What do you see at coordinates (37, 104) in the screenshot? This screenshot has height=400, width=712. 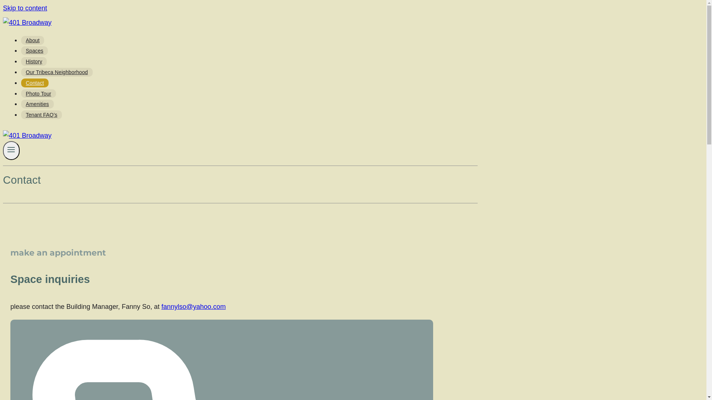 I see `'Amenities'` at bounding box center [37, 104].